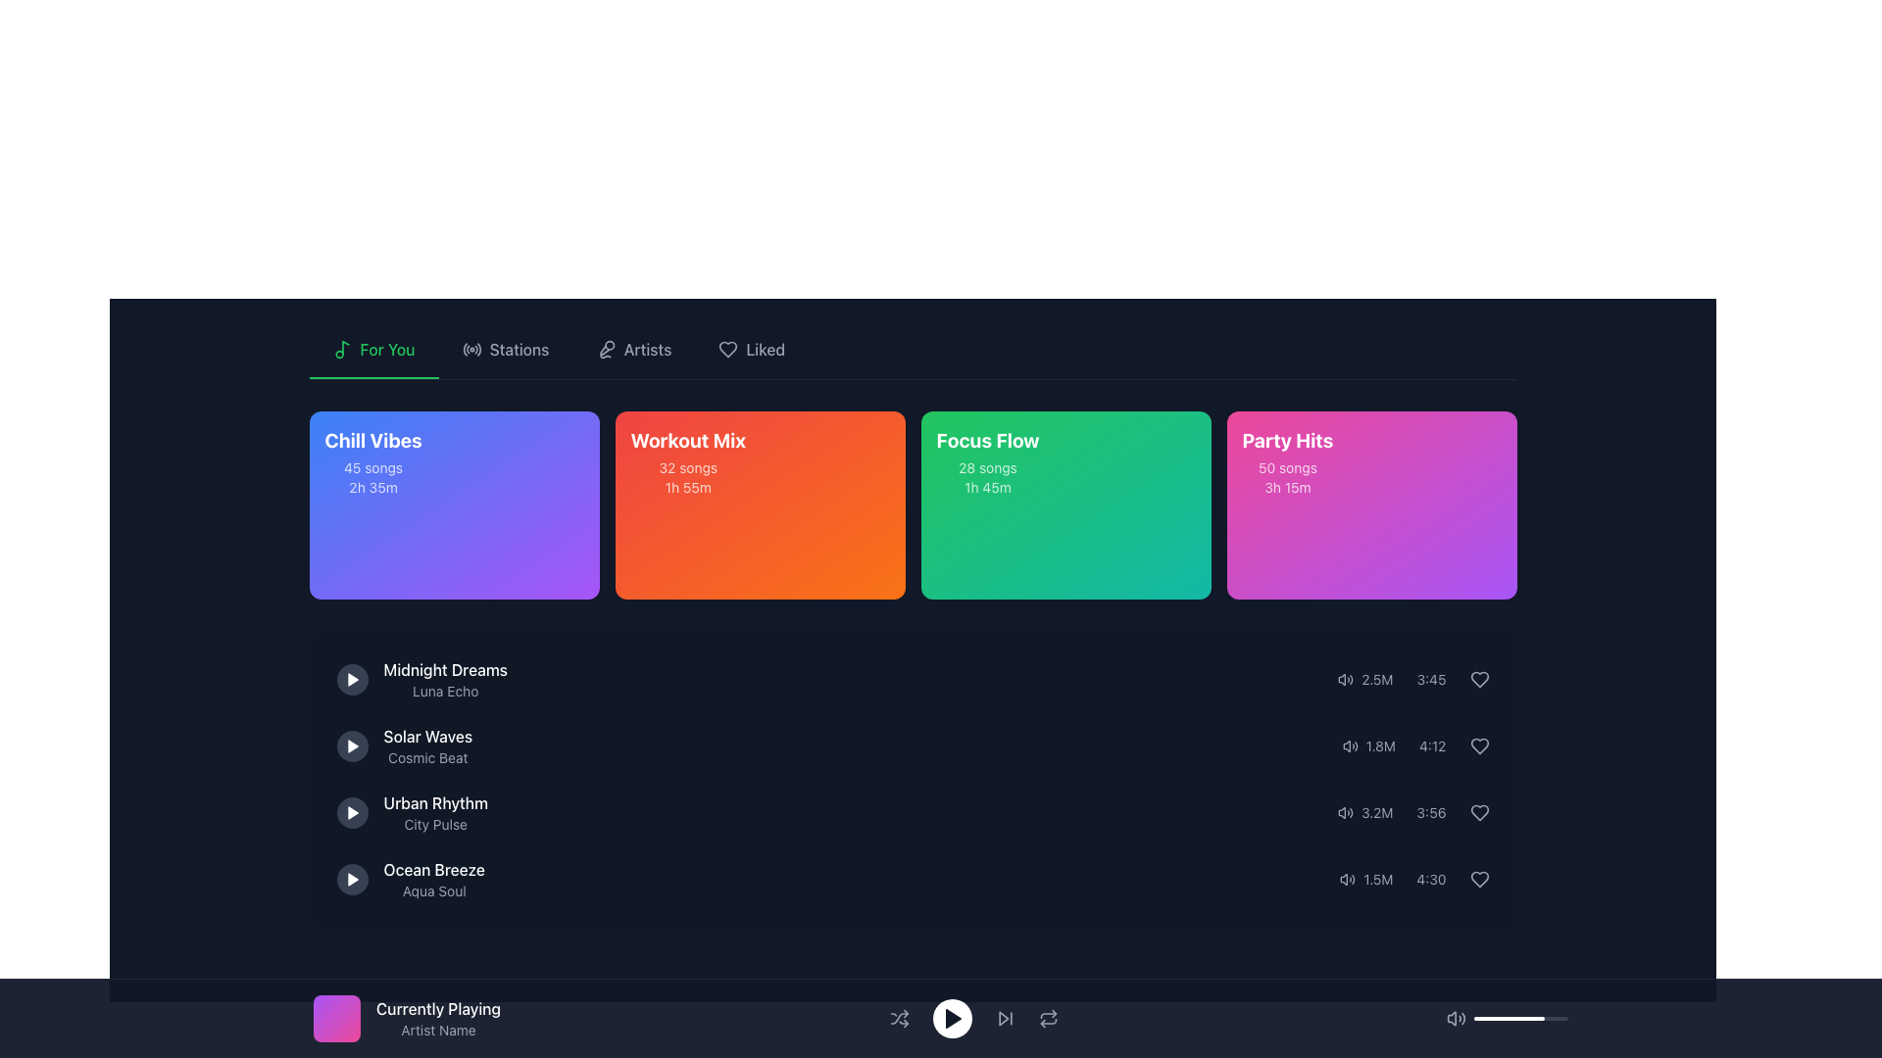 This screenshot has width=1882, height=1058. What do you see at coordinates (988, 486) in the screenshot?
I see `text displayed in the Text Label element that shows '1h 45m', located at the bottom of the 'Focus Flow' section` at bounding box center [988, 486].